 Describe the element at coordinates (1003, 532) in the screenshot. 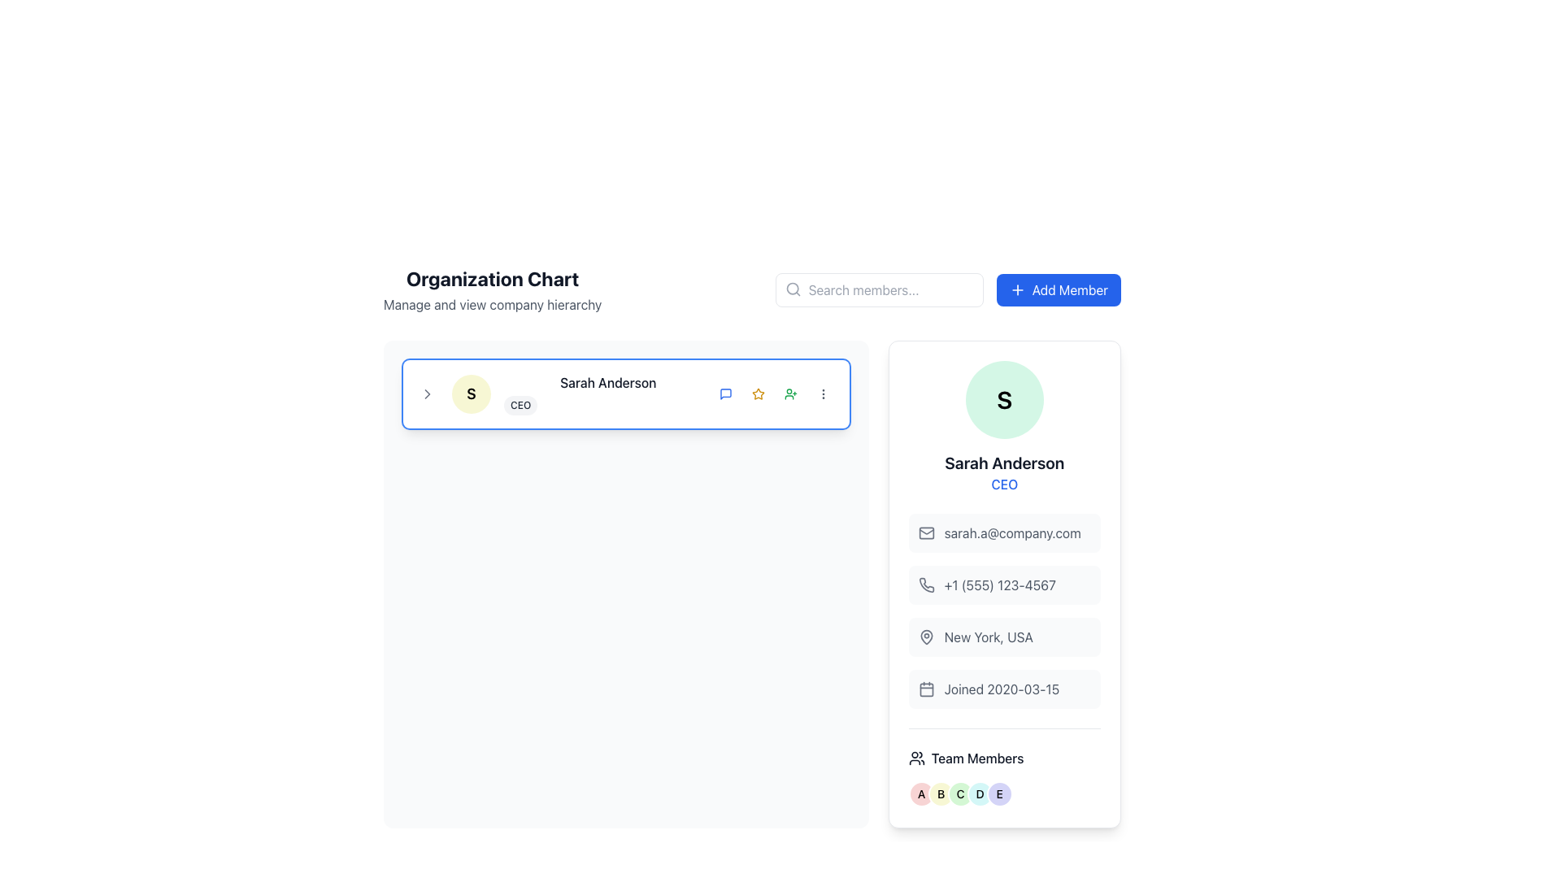

I see `user's email address displayed in the Information display label with an icon, located in the right-hand profile panel, below the user's name and title` at that location.